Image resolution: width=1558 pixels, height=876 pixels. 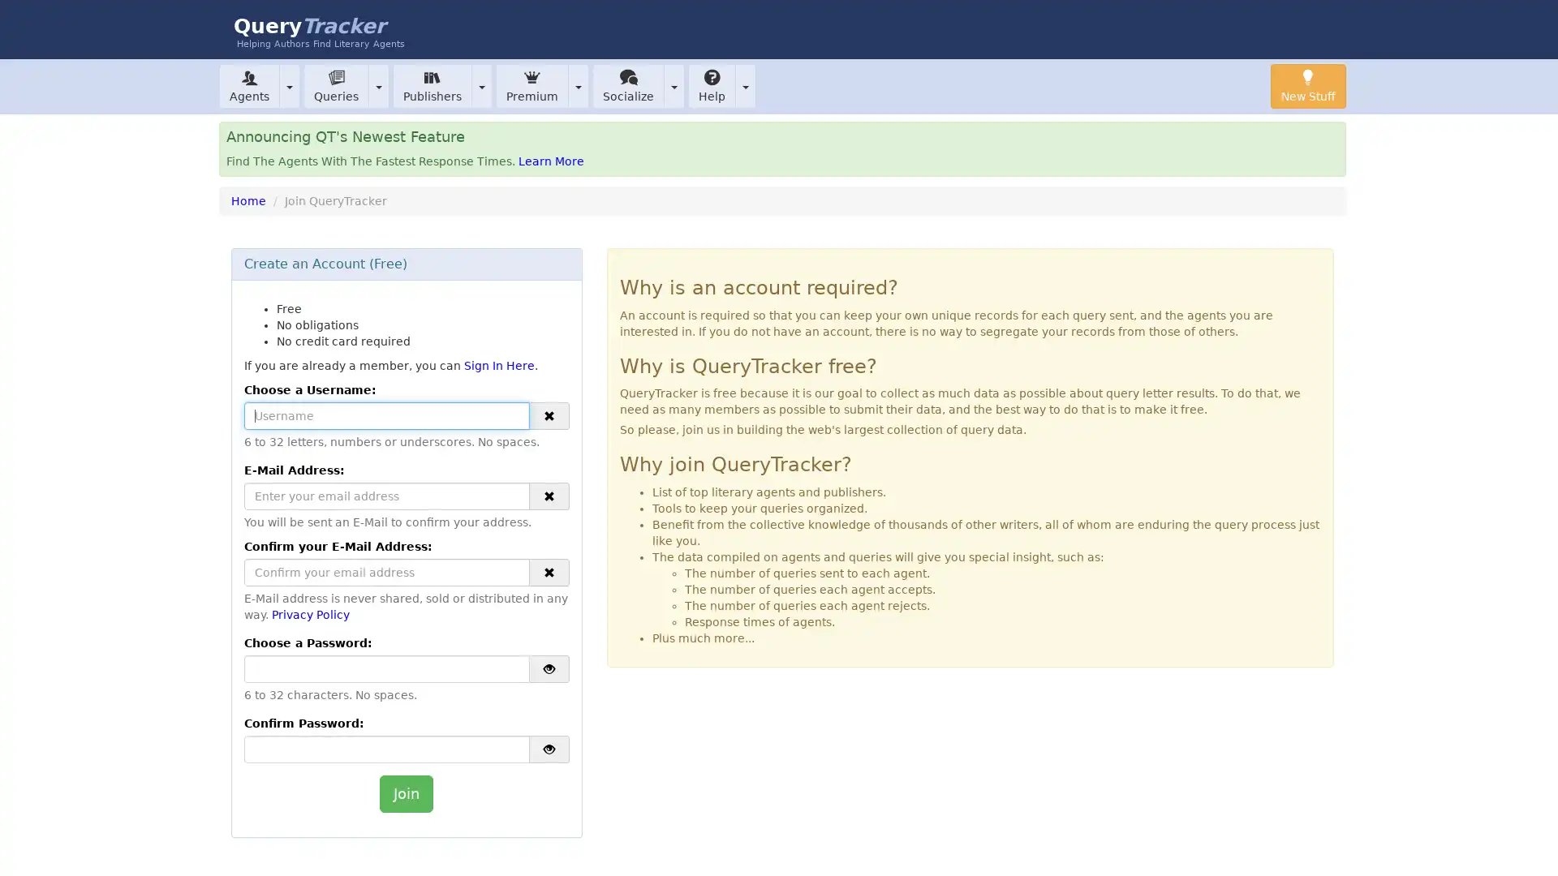 What do you see at coordinates (674, 86) in the screenshot?
I see `Toggle Dropdown` at bounding box center [674, 86].